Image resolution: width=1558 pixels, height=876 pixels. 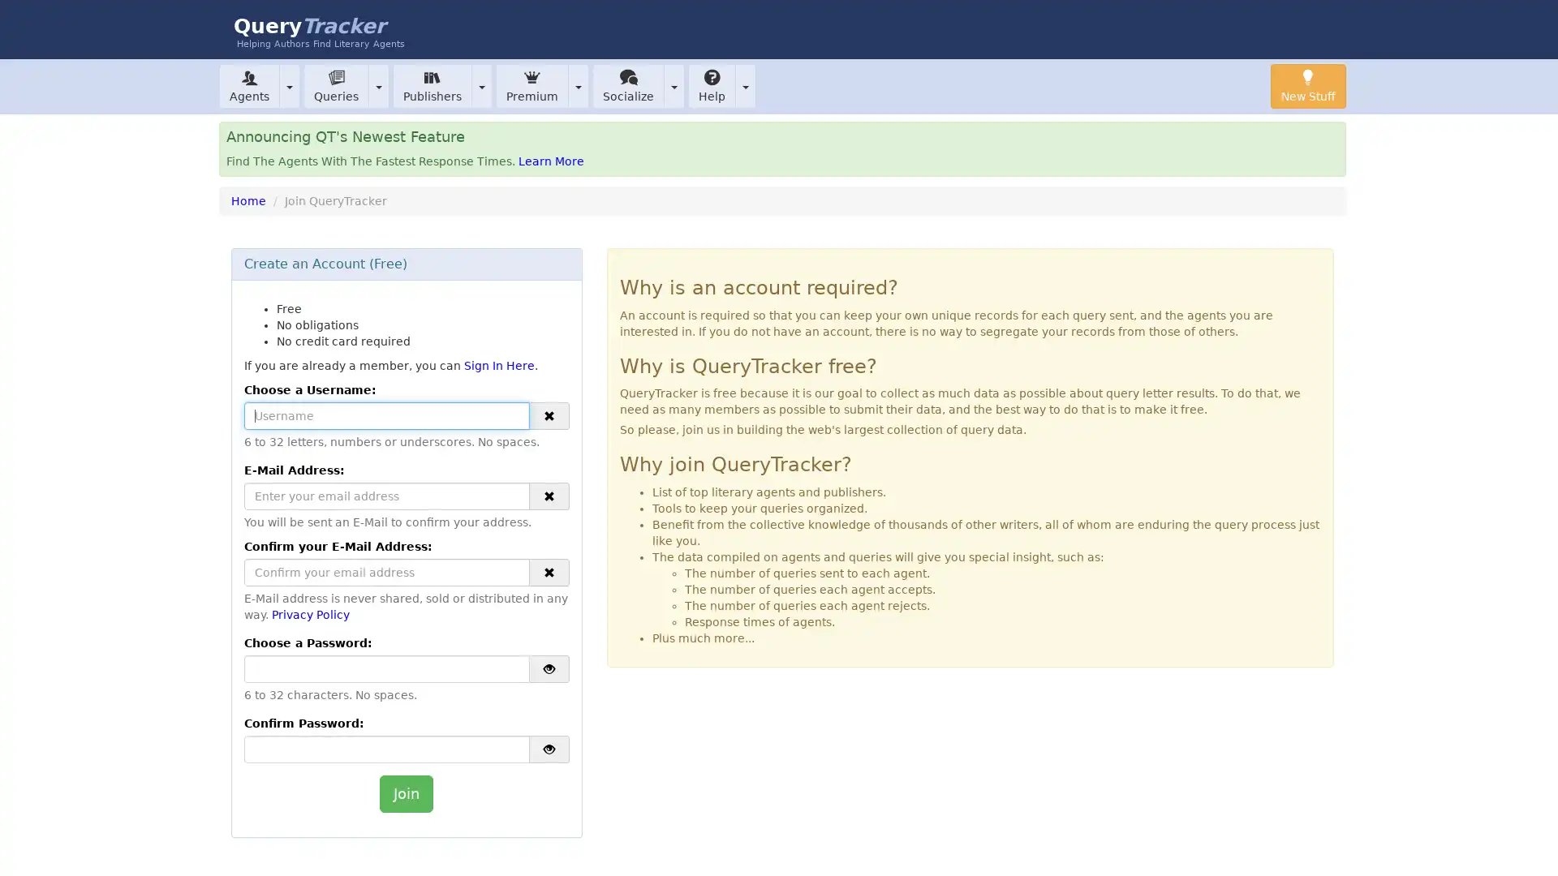 What do you see at coordinates (674, 86) in the screenshot?
I see `Toggle Dropdown` at bounding box center [674, 86].